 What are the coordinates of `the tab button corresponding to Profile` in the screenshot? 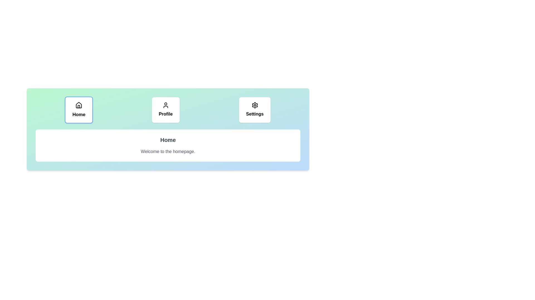 It's located at (165, 110).